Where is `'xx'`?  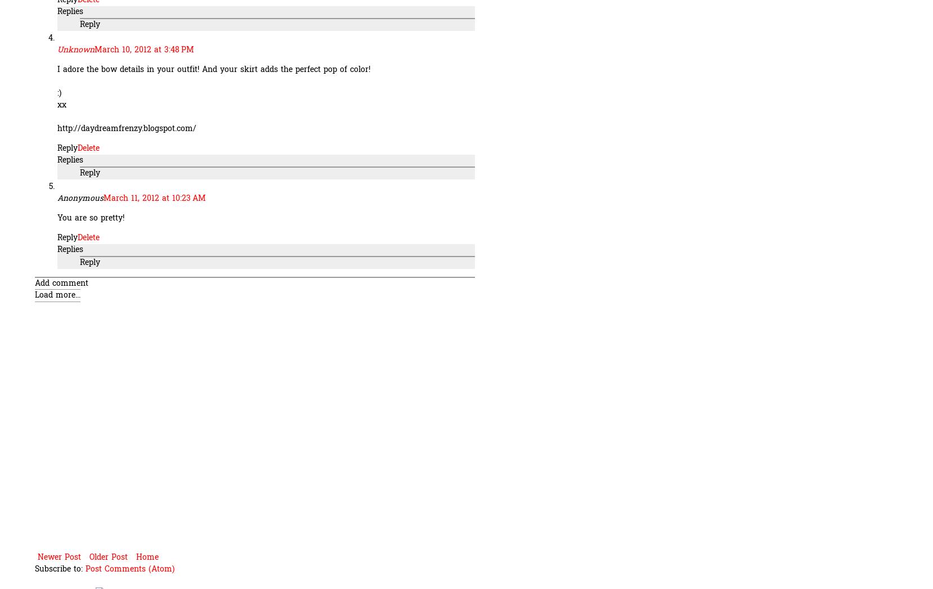
'xx' is located at coordinates (61, 105).